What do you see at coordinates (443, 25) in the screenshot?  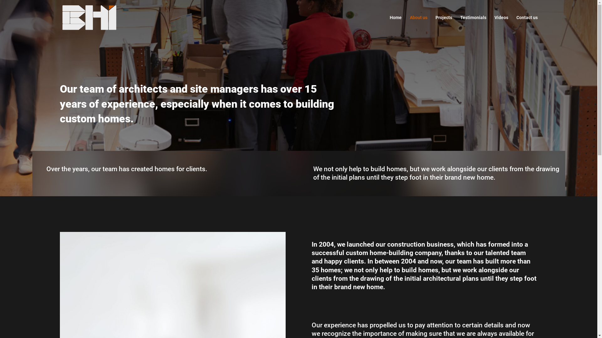 I see `'Projects'` at bounding box center [443, 25].